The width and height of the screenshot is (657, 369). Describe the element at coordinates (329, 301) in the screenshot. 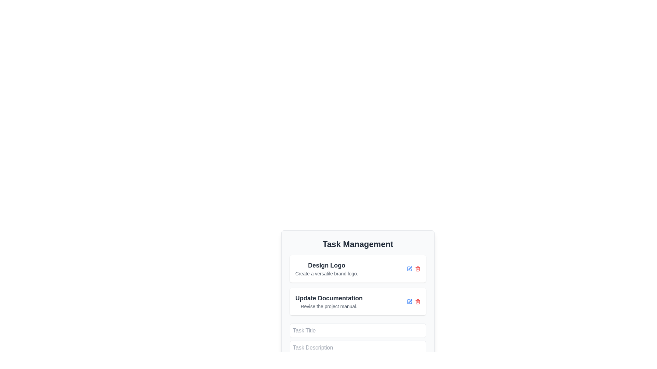

I see `the second task entry card in the 'Task Management' section` at that location.